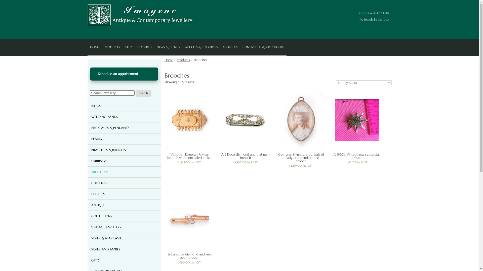 The image size is (483, 271). What do you see at coordinates (95, 47) in the screenshot?
I see `'HOME'` at bounding box center [95, 47].